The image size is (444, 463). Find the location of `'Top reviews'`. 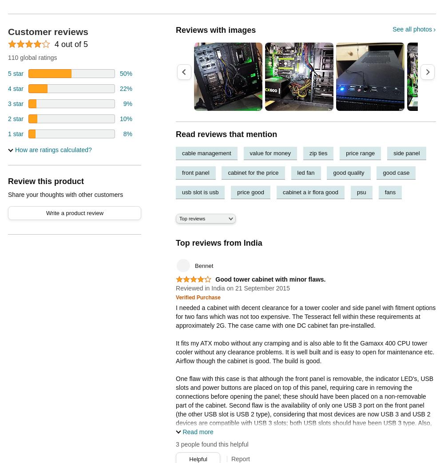

'Top reviews' is located at coordinates (179, 218).